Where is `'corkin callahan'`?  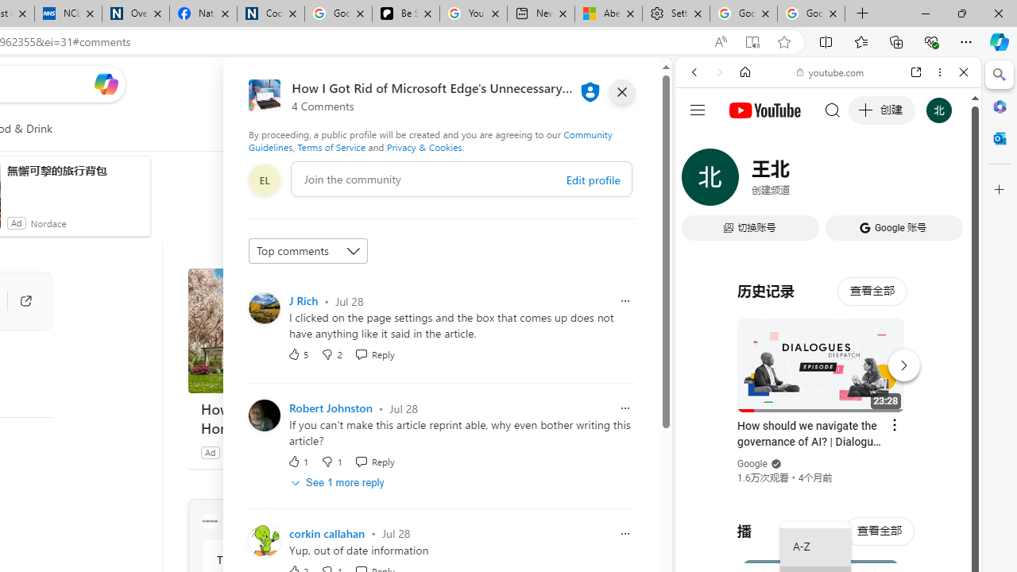 'corkin callahan' is located at coordinates (326, 533).